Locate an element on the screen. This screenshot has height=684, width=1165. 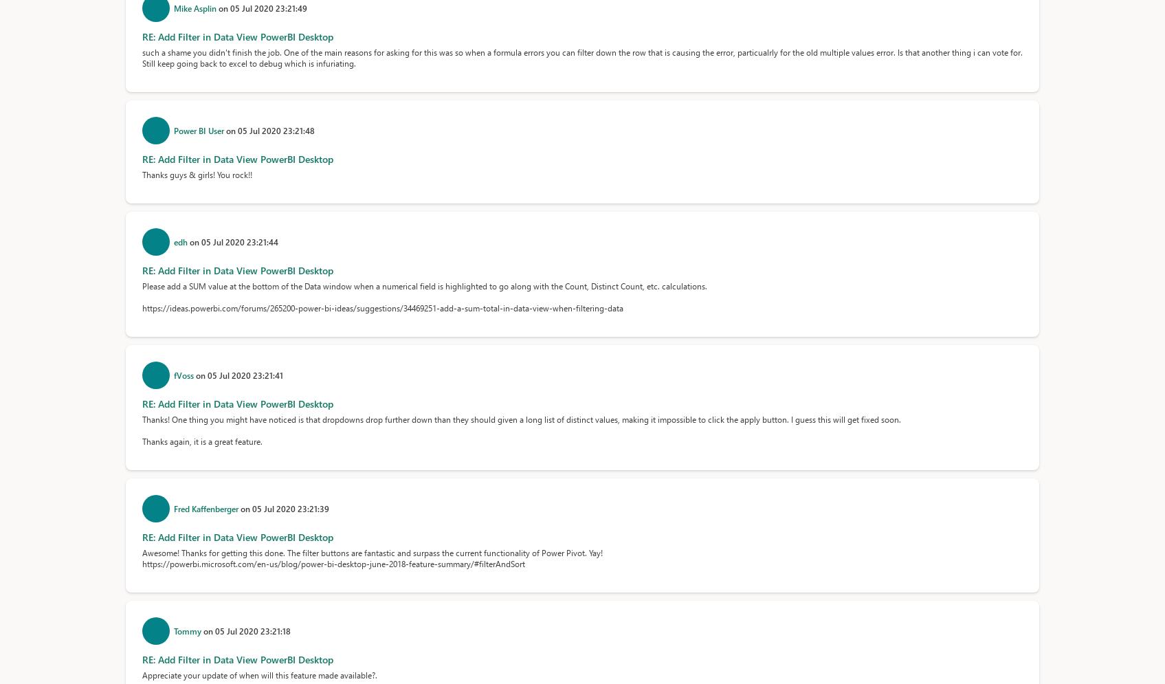
'Awesome! Thanks for getting this done. The filter buttons are fantastic and surpass the current functionality of Power Pivot. Yay!' is located at coordinates (140, 552).